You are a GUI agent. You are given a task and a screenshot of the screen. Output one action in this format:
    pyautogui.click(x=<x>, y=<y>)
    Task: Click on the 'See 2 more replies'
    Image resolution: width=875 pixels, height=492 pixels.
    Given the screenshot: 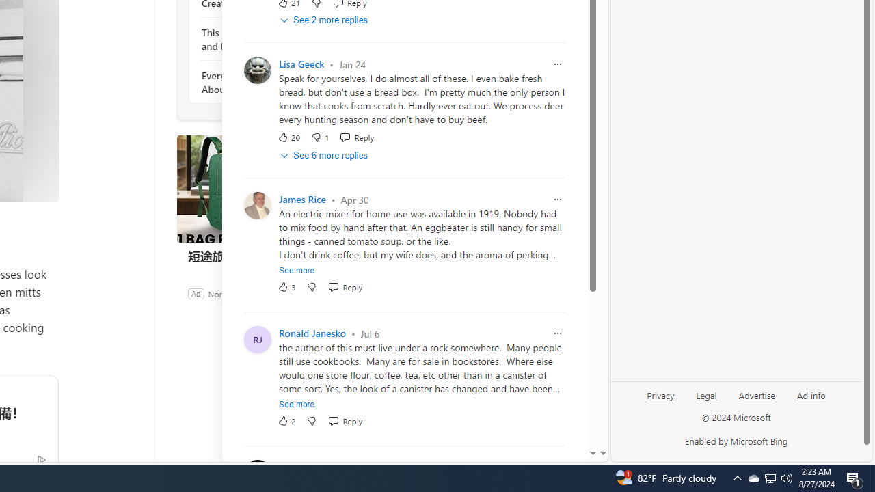 What is the action you would take?
    pyautogui.click(x=325, y=20)
    